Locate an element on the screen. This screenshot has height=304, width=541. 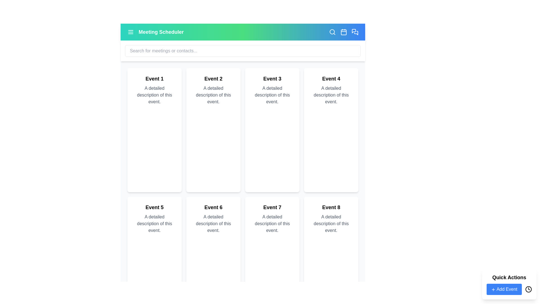
the static text content located in the third card of the grid, positioned below the bold title 'Event 3' is located at coordinates (272, 95).